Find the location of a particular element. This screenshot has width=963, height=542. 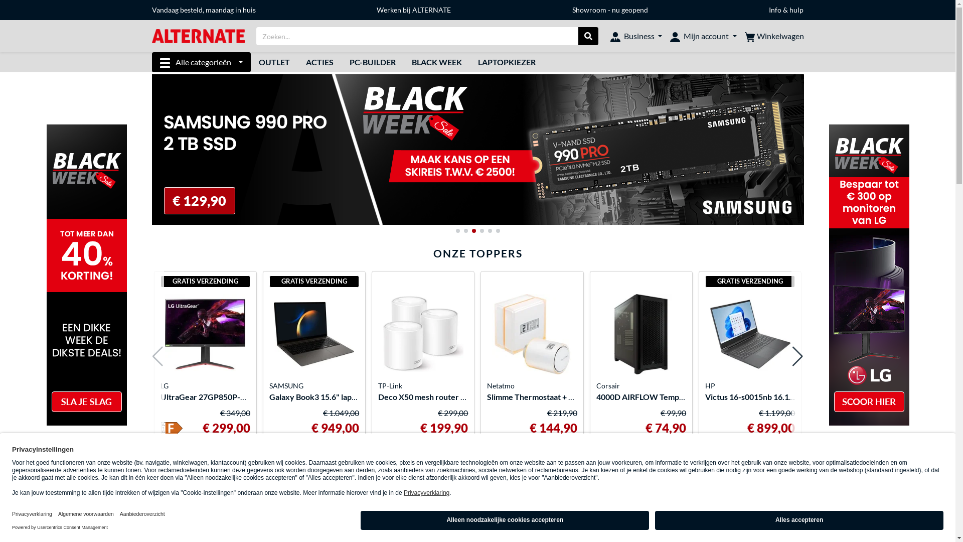

'Werken bij ALTERNATE' is located at coordinates (376, 10).